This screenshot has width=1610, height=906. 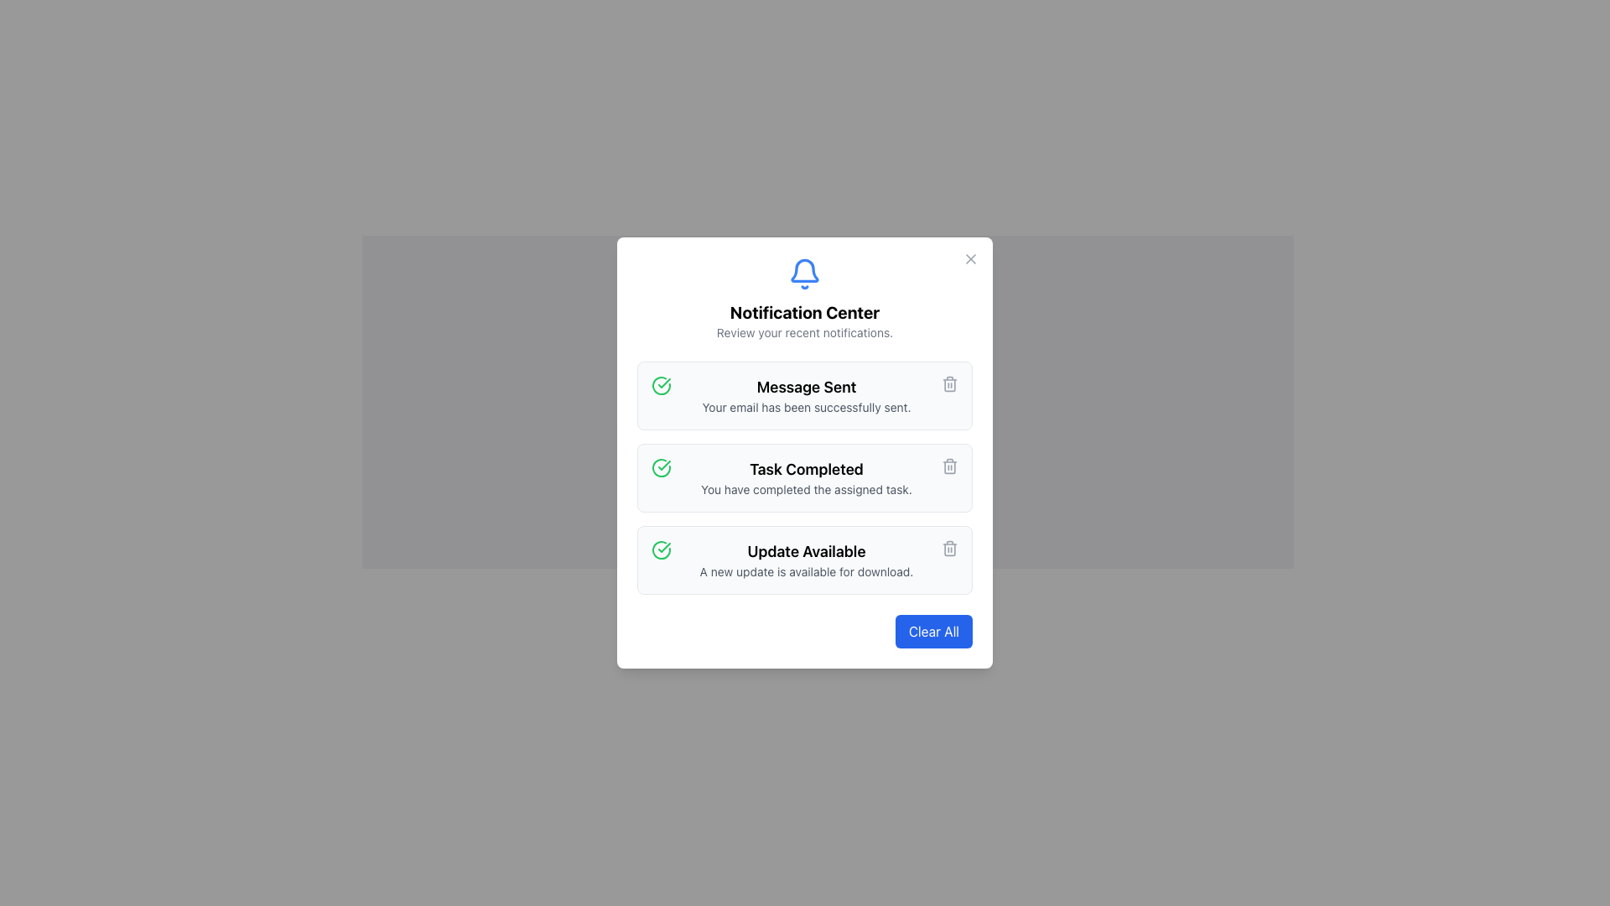 What do you see at coordinates (949, 549) in the screenshot?
I see `the interactive gray trash bin icon button located in the rightmost section of the 'Update Available' notification block` at bounding box center [949, 549].